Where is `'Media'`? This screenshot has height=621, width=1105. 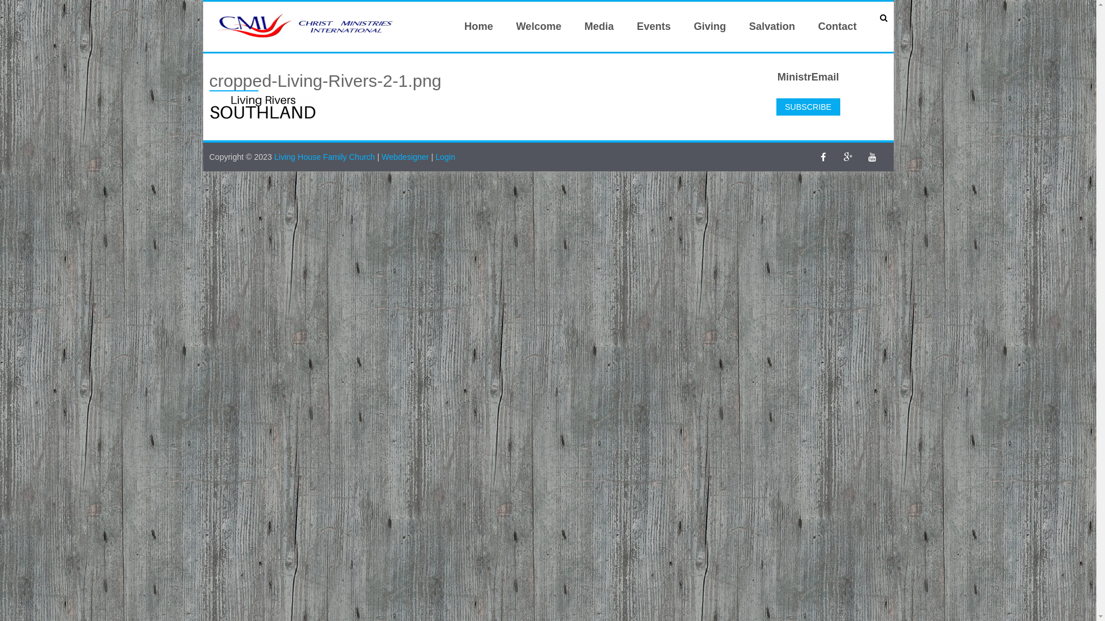
'Media' is located at coordinates (599, 26).